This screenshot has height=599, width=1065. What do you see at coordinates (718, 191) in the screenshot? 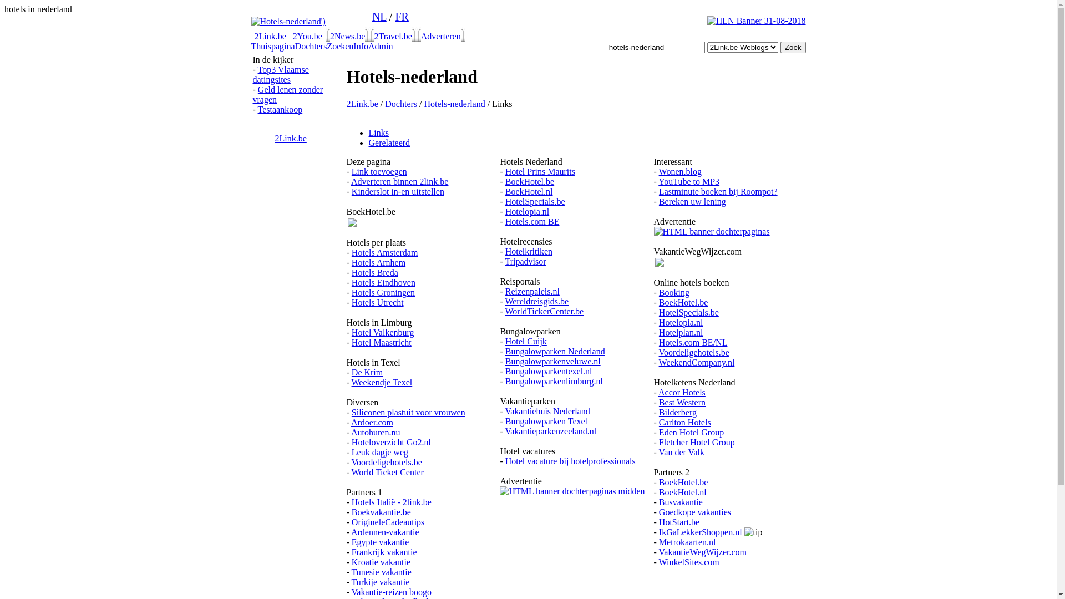
I see `'Lastminute boeken bij Roompot?'` at bounding box center [718, 191].